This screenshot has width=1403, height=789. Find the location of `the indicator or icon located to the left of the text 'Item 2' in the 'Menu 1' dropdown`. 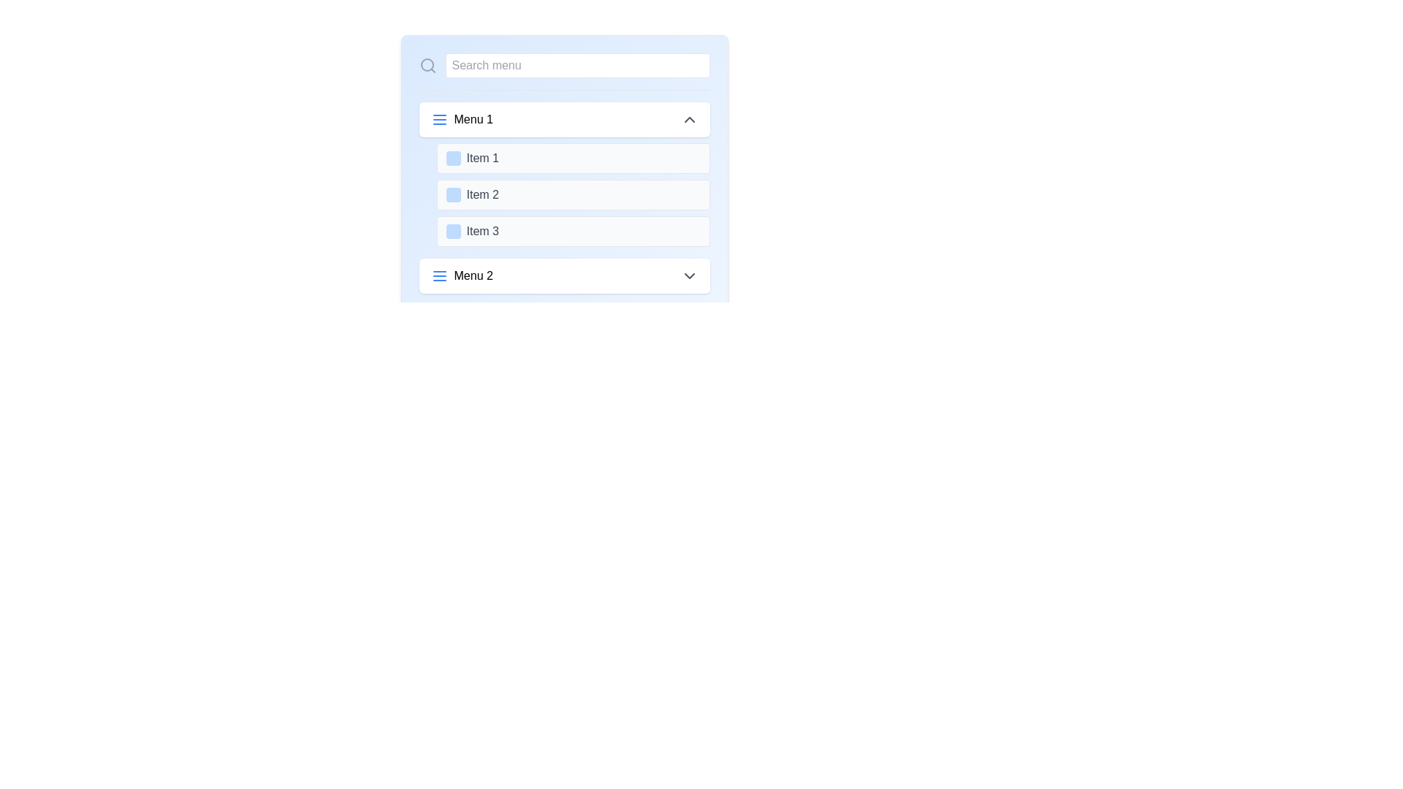

the indicator or icon located to the left of the text 'Item 2' in the 'Menu 1' dropdown is located at coordinates (452, 194).